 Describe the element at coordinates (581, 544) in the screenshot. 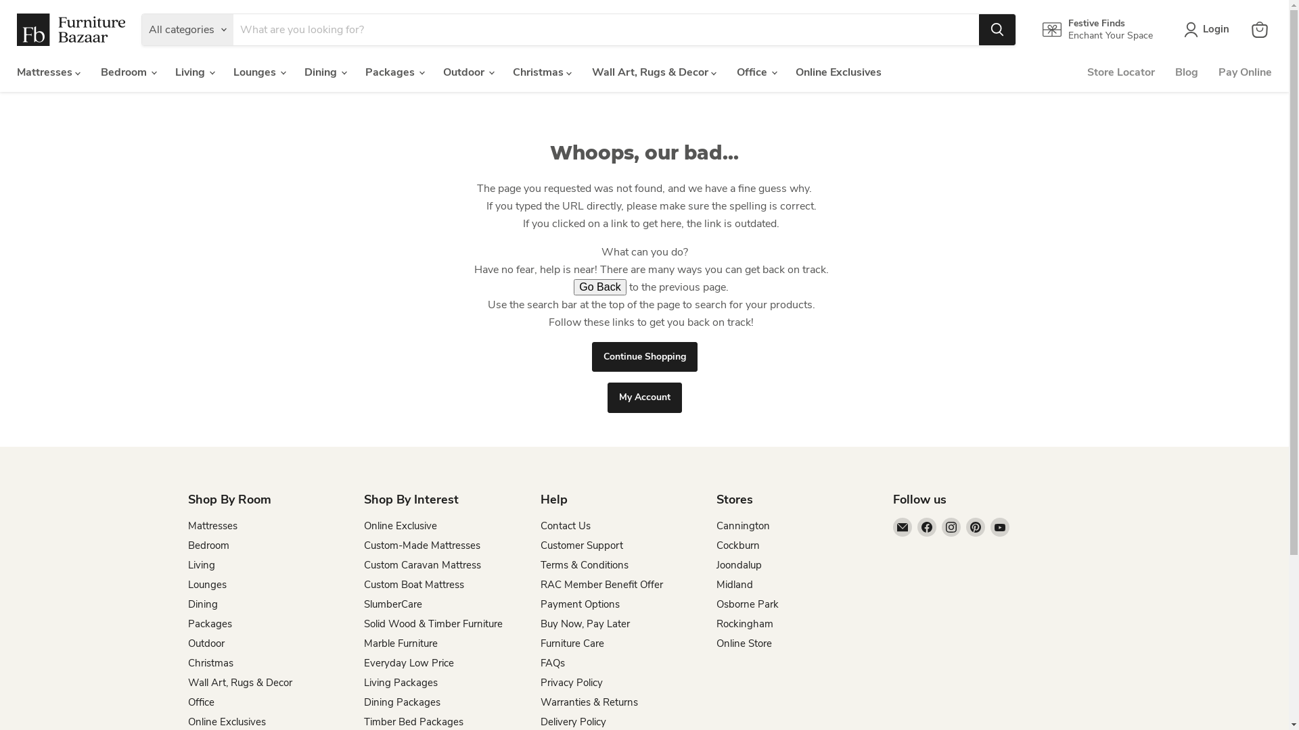

I see `'Customer Support'` at that location.